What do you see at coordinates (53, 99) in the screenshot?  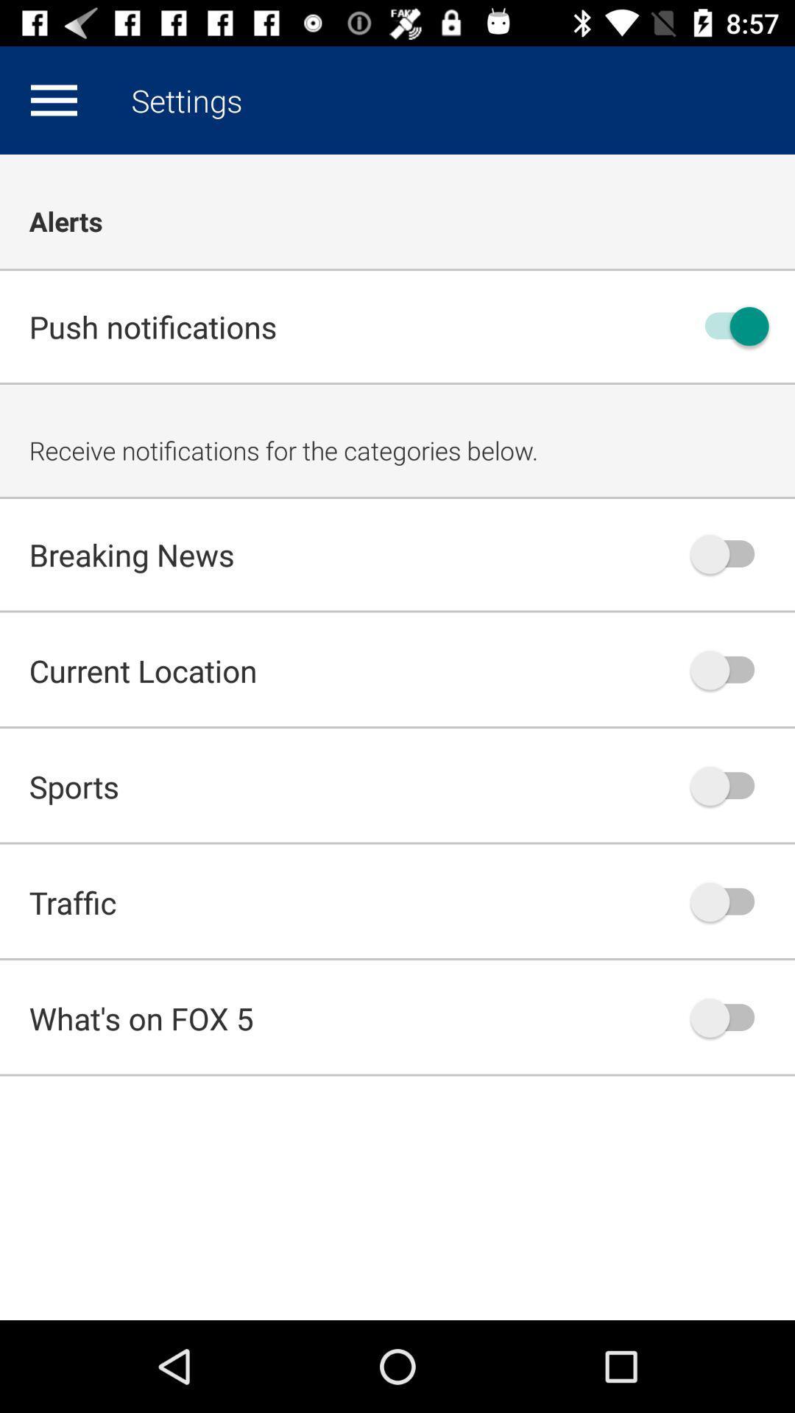 I see `displays menu` at bounding box center [53, 99].